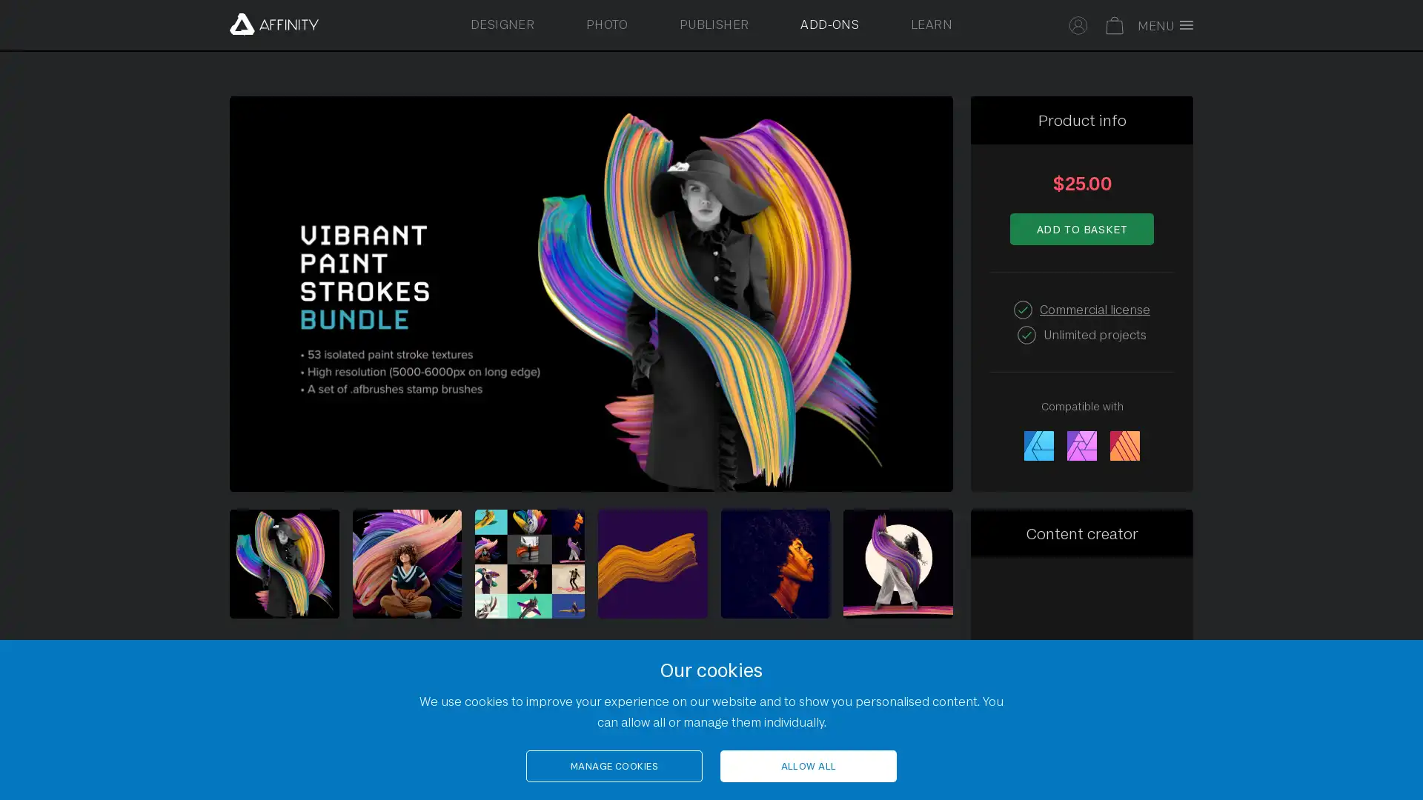 The image size is (1423, 800). Describe the element at coordinates (807, 766) in the screenshot. I see `ALLOW ALL` at that location.